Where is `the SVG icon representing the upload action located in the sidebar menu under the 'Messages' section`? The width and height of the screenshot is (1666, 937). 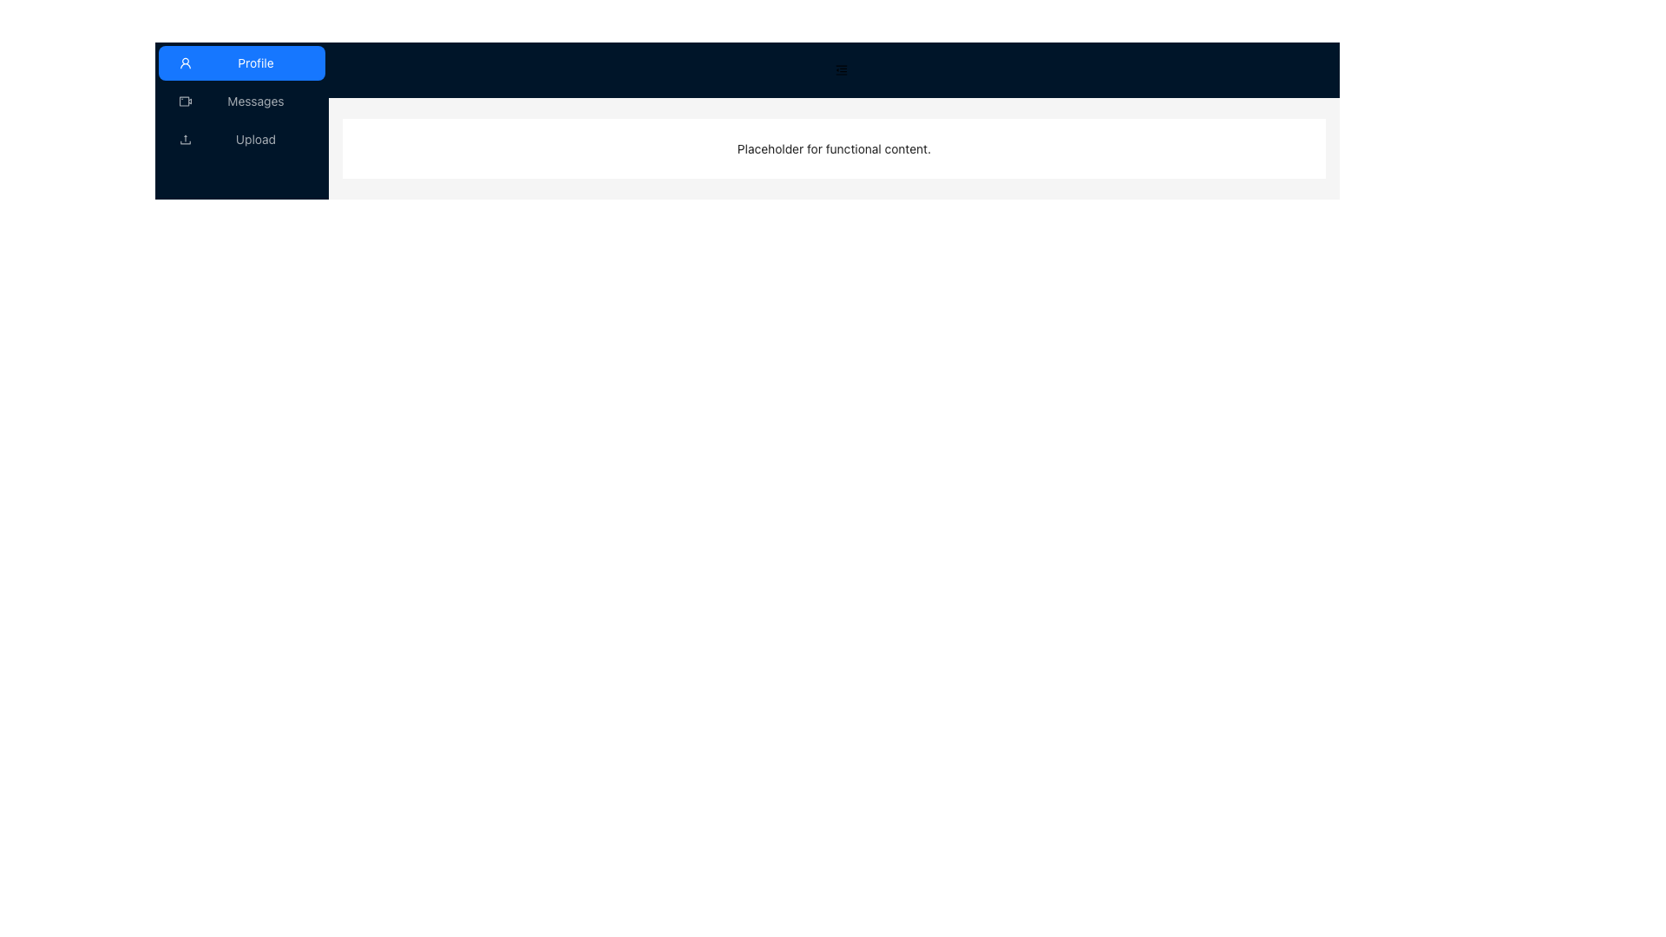 the SVG icon representing the upload action located in the sidebar menu under the 'Messages' section is located at coordinates (186, 137).